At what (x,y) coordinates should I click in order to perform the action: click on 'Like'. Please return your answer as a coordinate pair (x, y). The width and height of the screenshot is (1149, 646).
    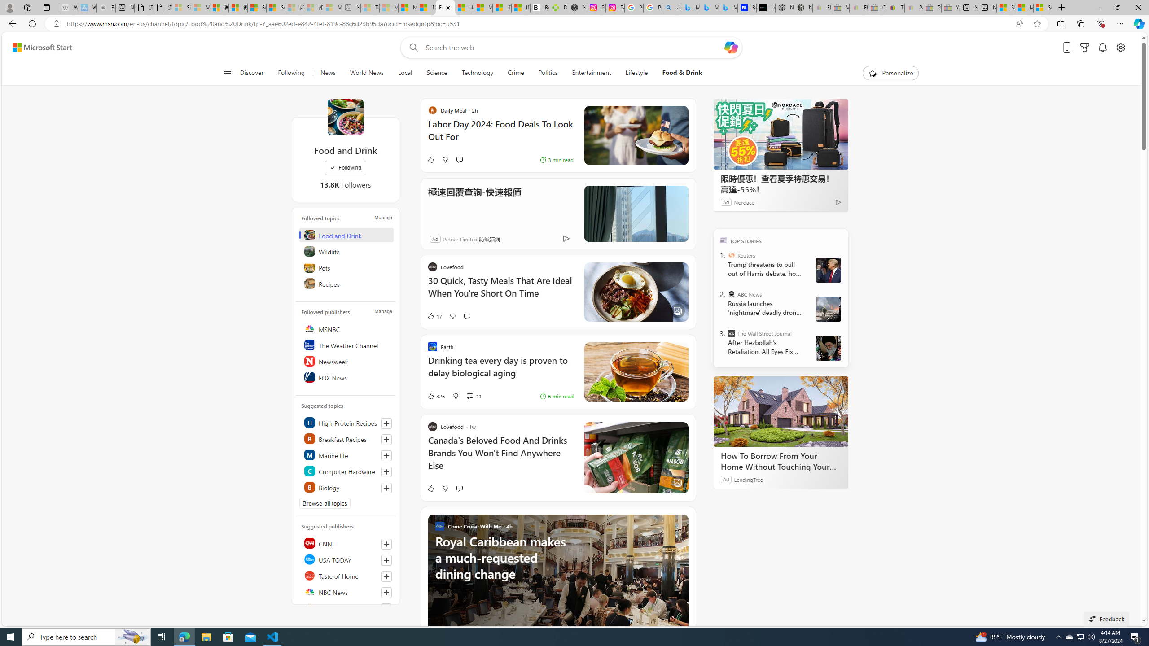
    Looking at the image, I should click on (430, 488).